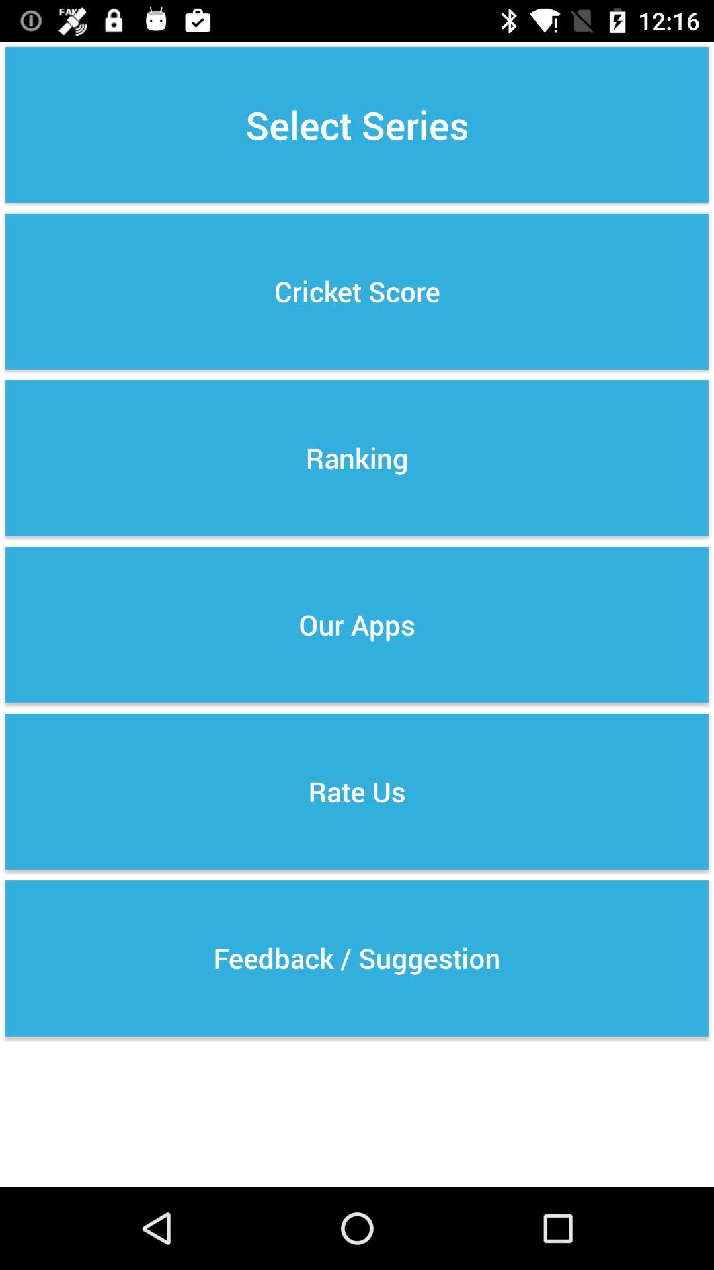 This screenshot has height=1270, width=714. I want to click on feedback / suggestion icon, so click(357, 958).